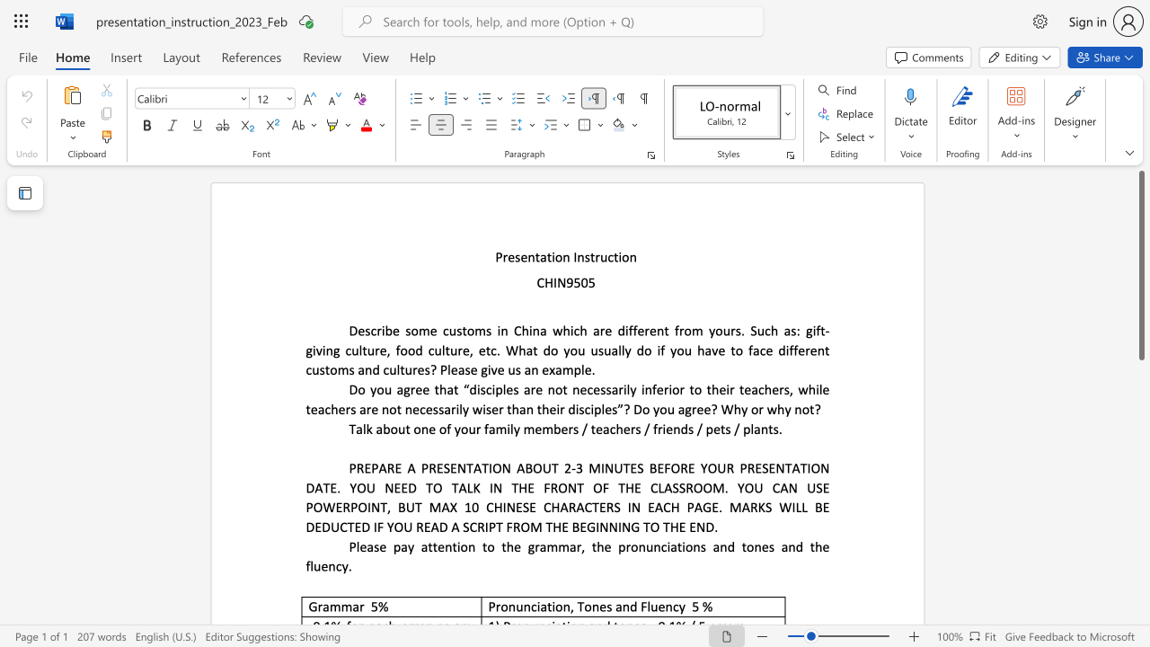  I want to click on the scrollbar to move the content lower, so click(1140, 602).